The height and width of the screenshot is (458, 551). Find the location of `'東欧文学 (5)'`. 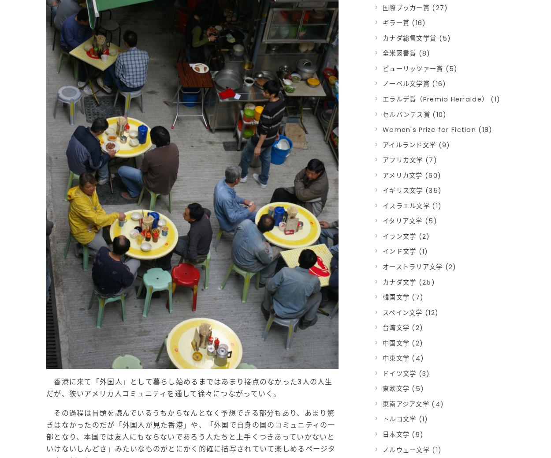

'東欧文学 (5)' is located at coordinates (403, 388).